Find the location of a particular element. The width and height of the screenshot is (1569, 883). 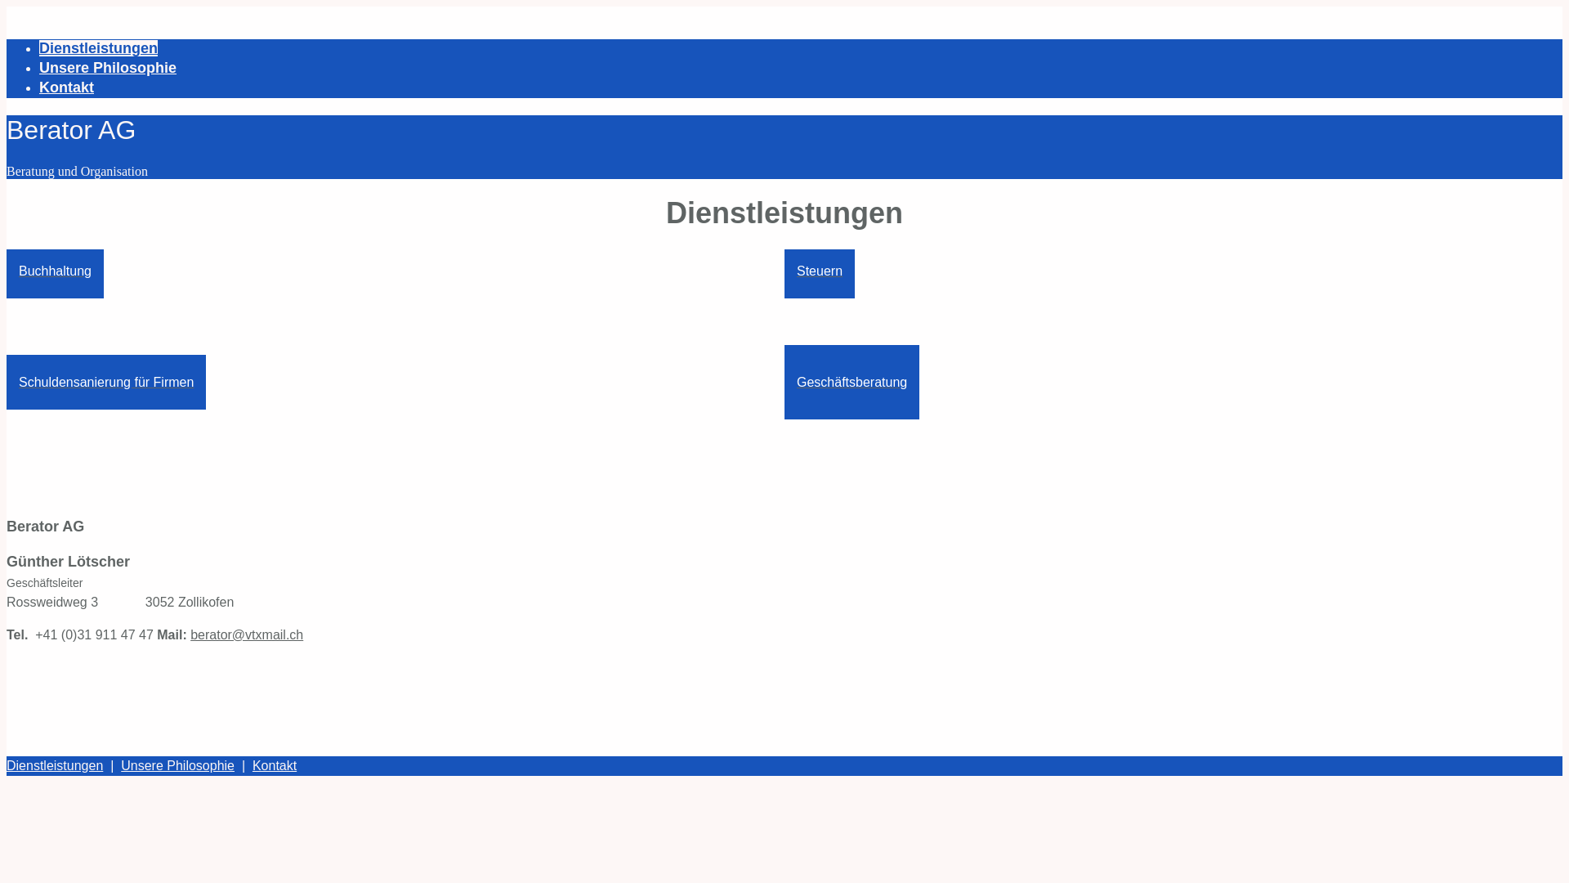

'berator@vtxmail.ch' is located at coordinates (246, 634).